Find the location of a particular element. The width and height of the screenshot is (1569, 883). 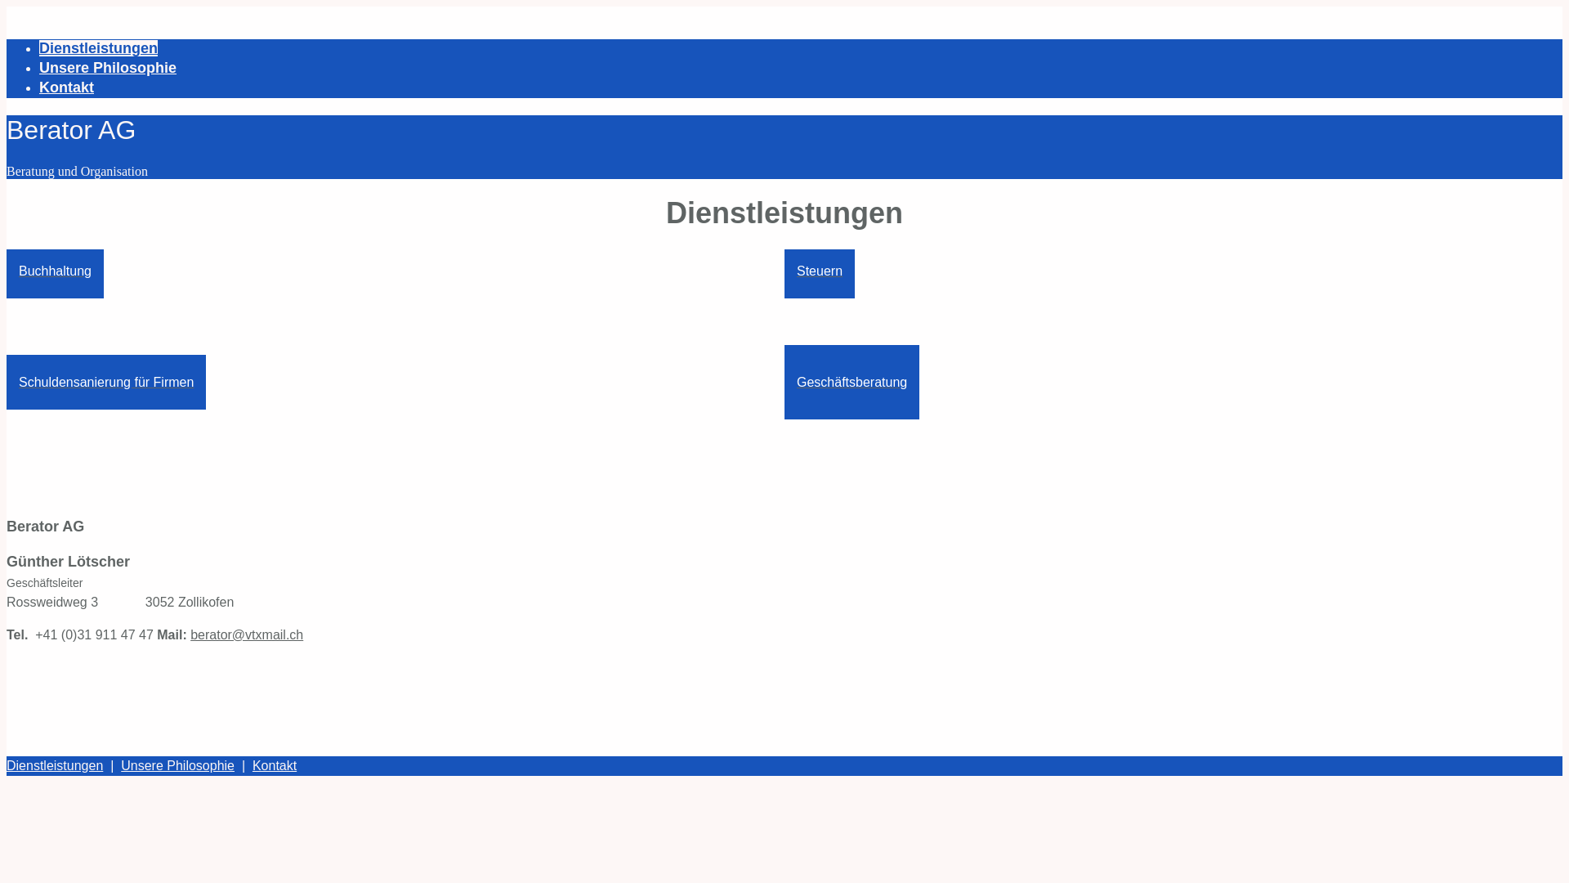

'berator@vtxmail.ch' is located at coordinates (246, 634).